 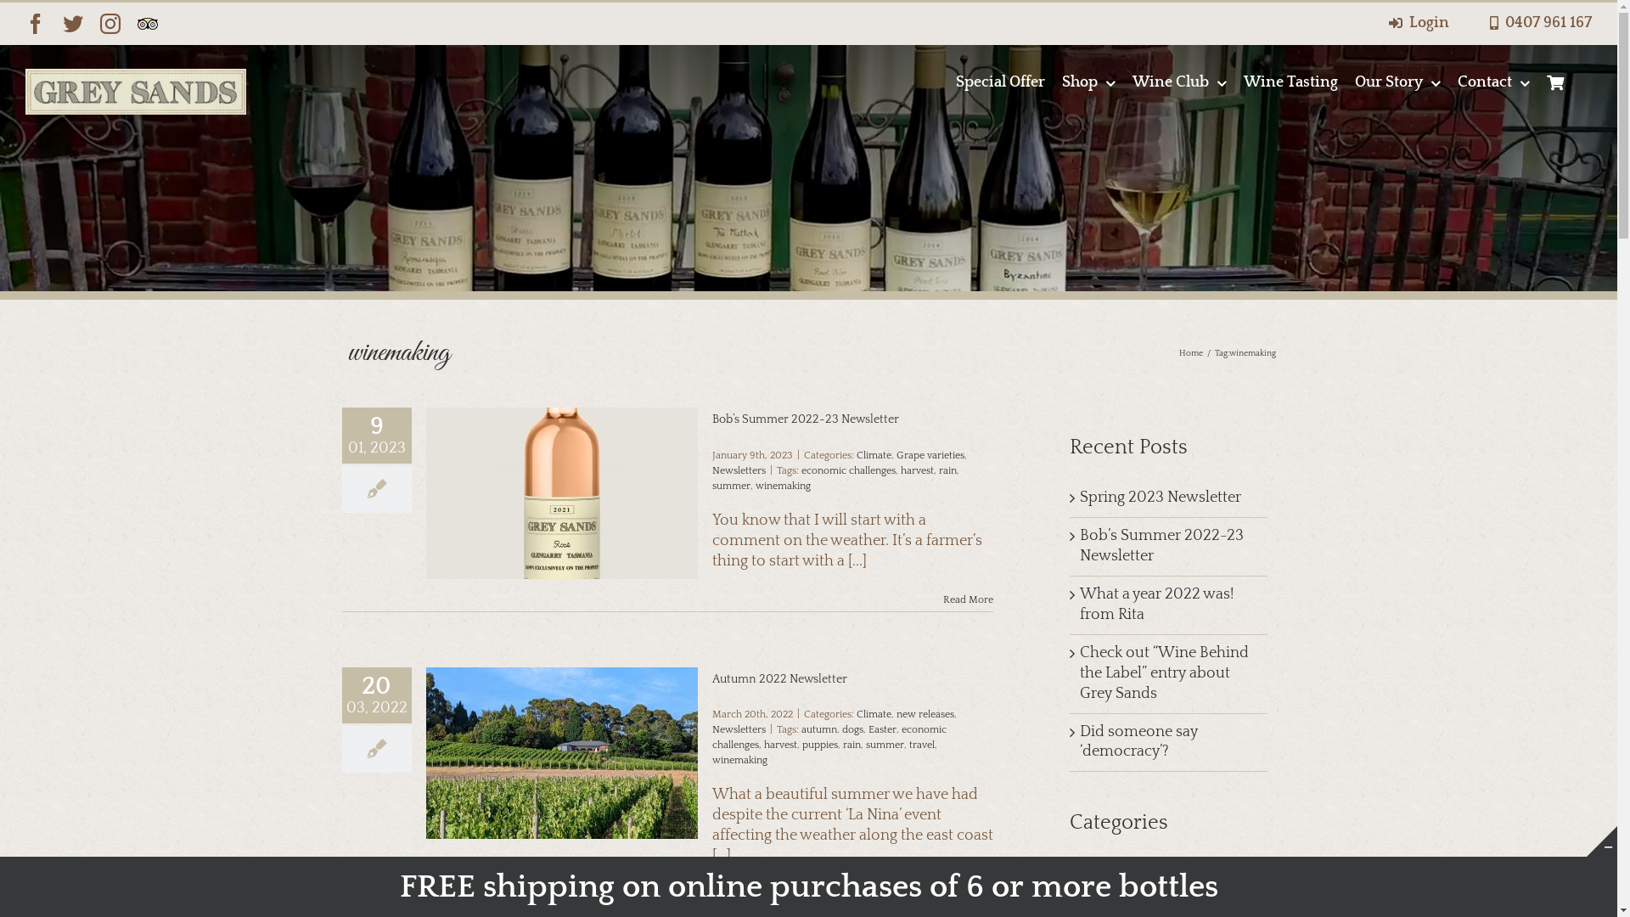 What do you see at coordinates (1079, 604) in the screenshot?
I see `'What a year 2022 was! from Rita'` at bounding box center [1079, 604].